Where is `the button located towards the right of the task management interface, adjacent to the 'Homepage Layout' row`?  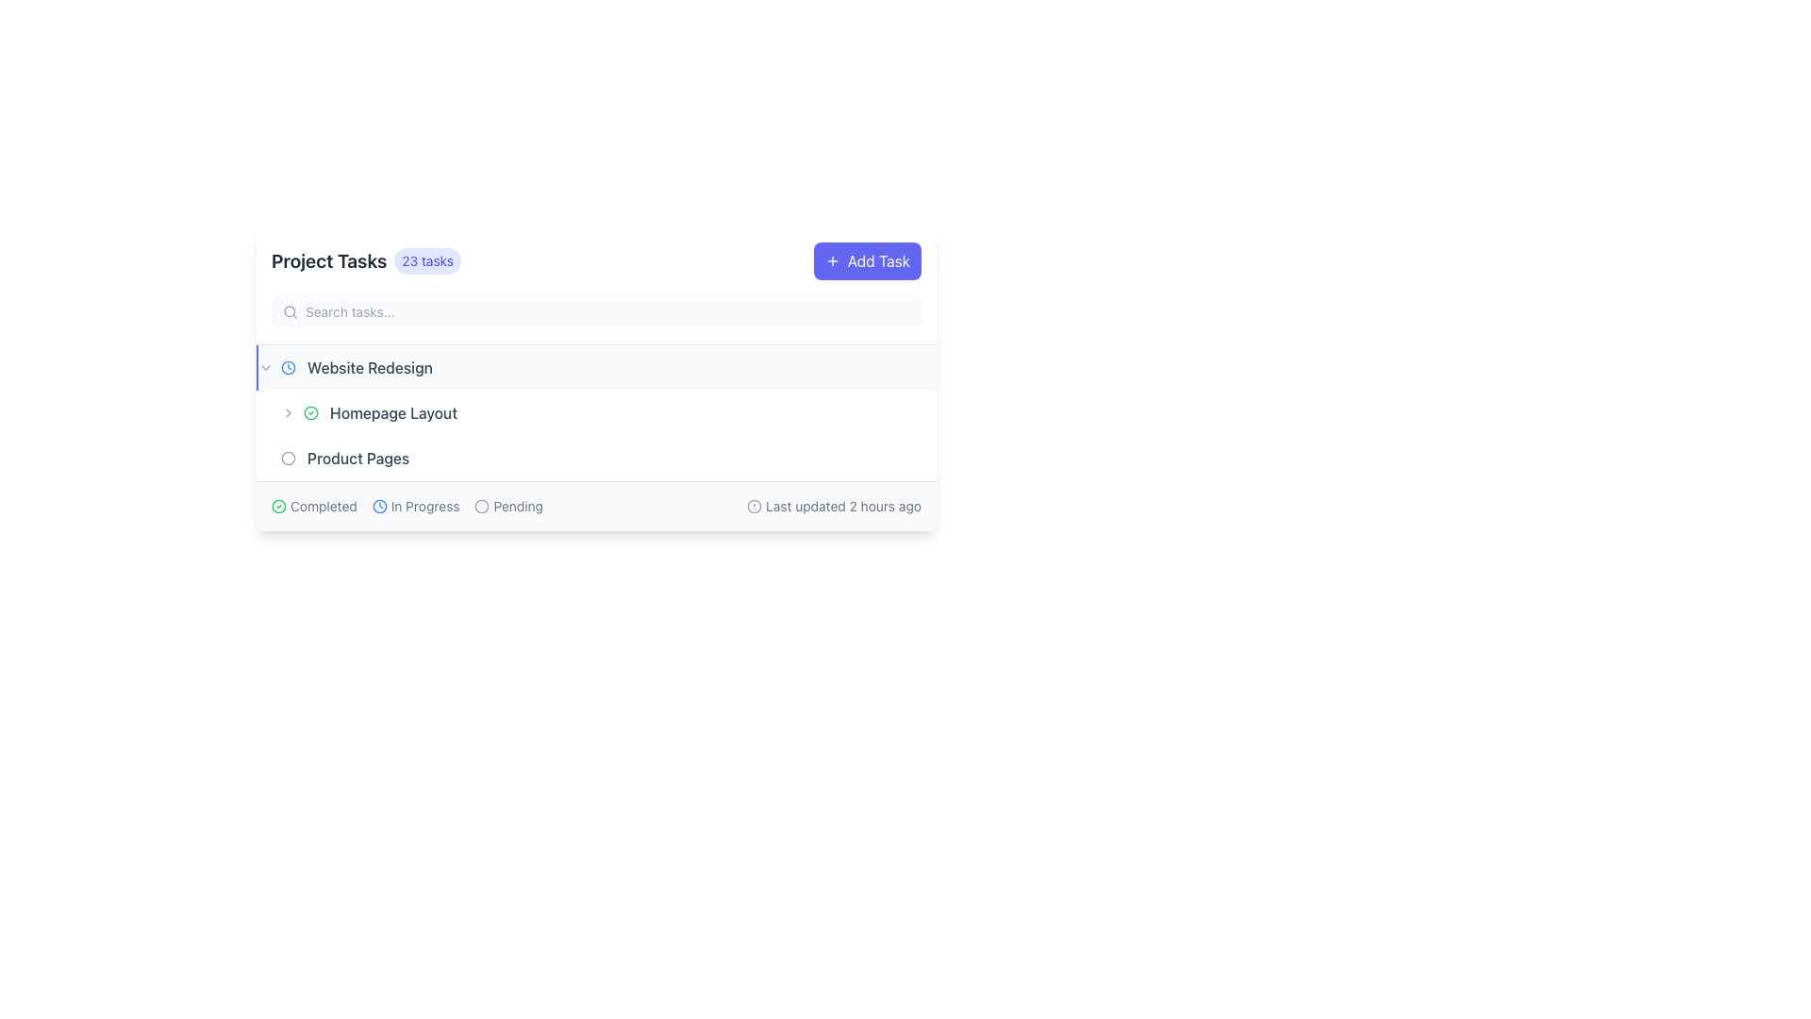
the button located towards the right of the task management interface, adjacent to the 'Homepage Layout' row is located at coordinates (914, 367).